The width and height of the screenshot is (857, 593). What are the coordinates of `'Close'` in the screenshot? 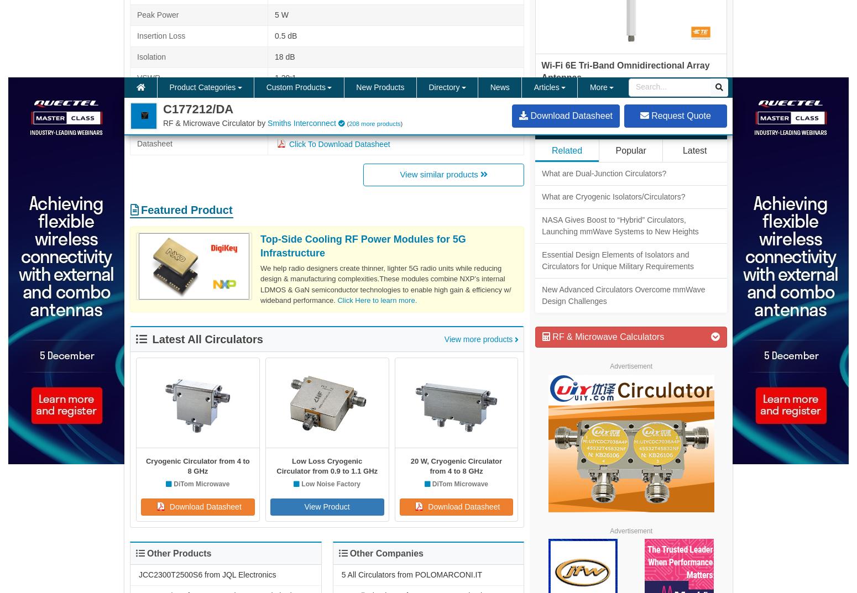 It's located at (666, 494).